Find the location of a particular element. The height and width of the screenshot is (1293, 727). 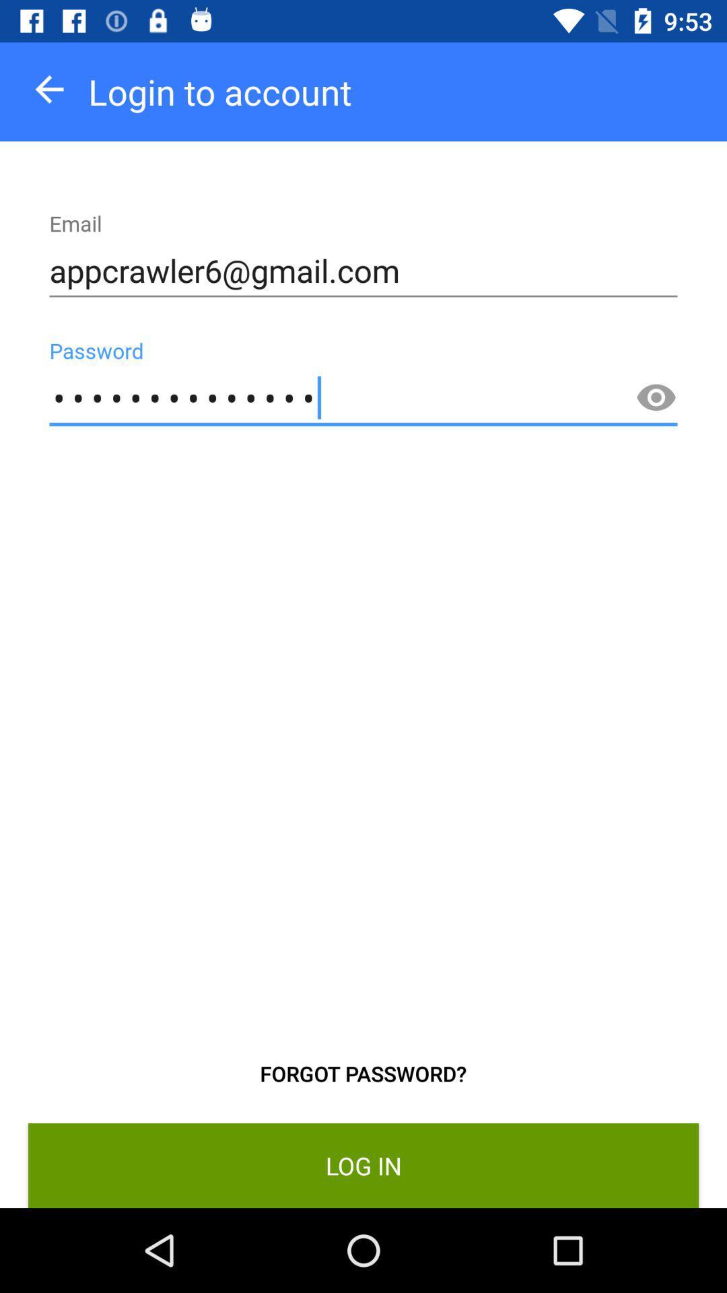

the icon above the appcrawler6@gmail.com is located at coordinates (48, 88).